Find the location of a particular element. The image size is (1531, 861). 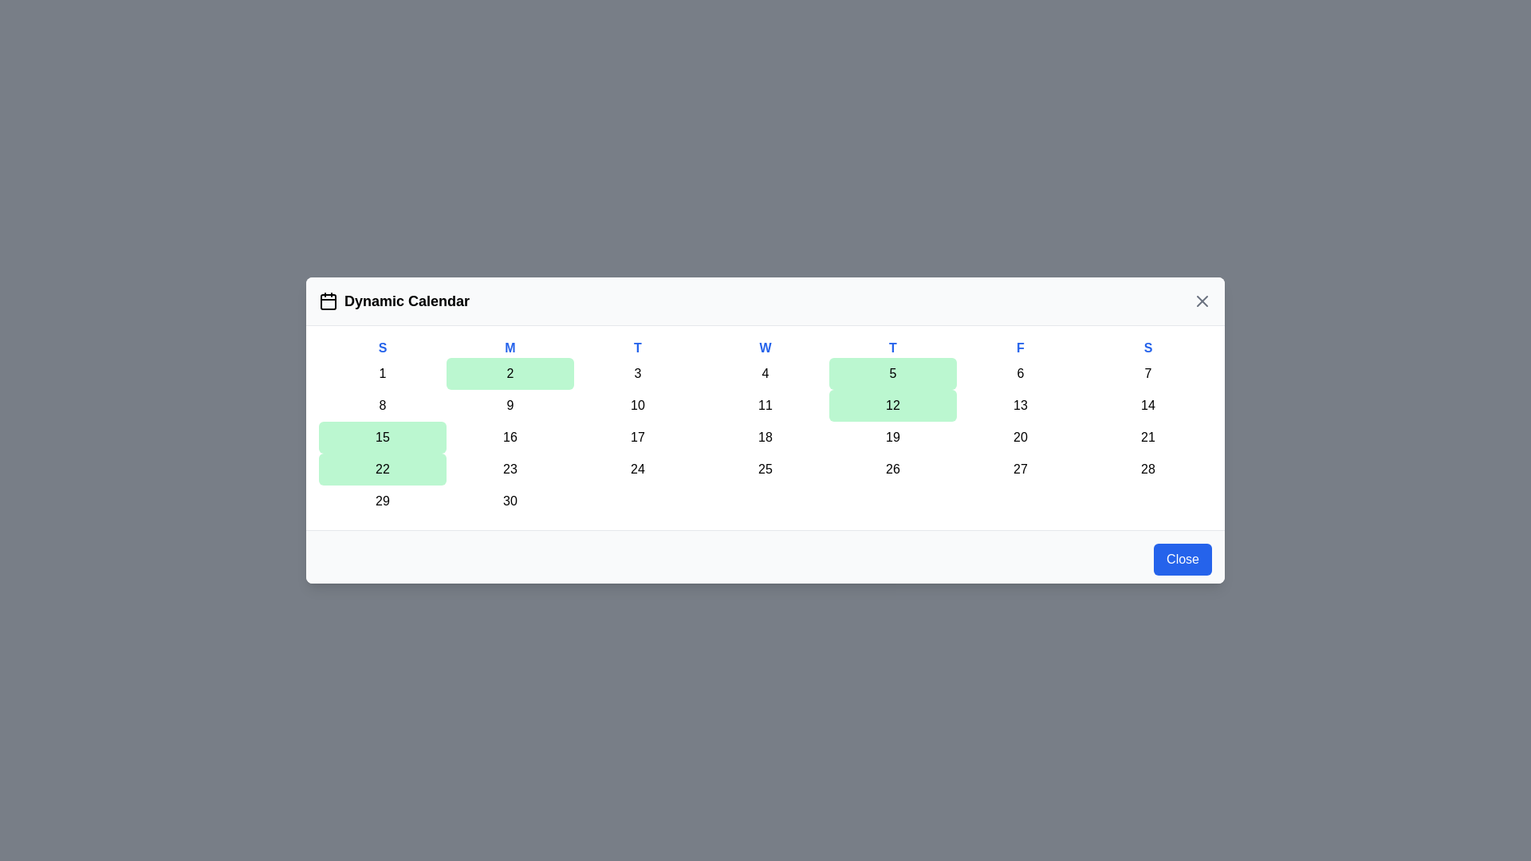

the day cell corresponding to 10 is located at coordinates (638, 405).